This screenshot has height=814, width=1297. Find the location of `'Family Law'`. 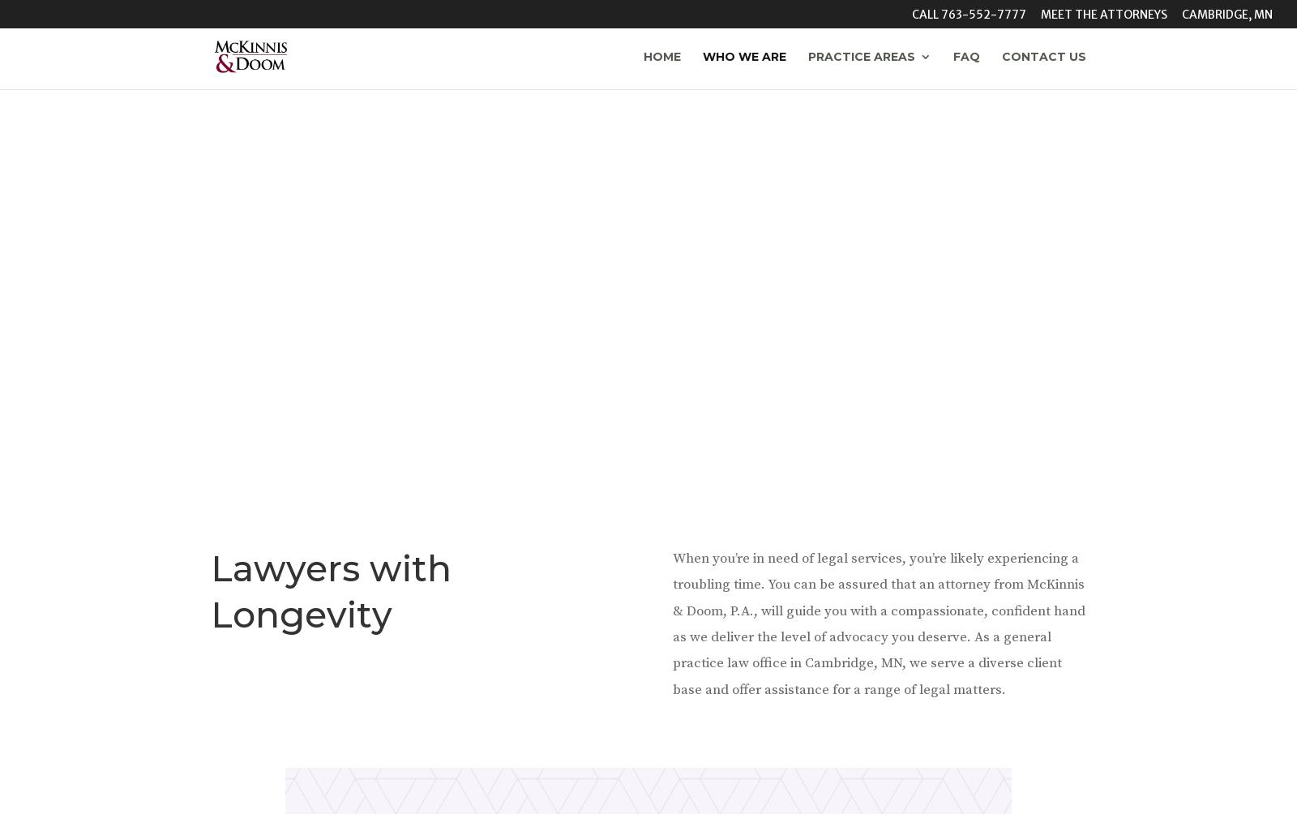

'Family Law' is located at coordinates (879, 212).